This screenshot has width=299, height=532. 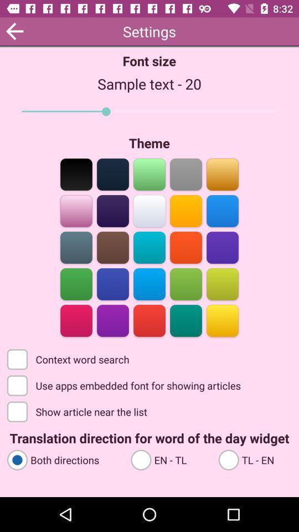 What do you see at coordinates (222, 320) in the screenshot?
I see `this color` at bounding box center [222, 320].